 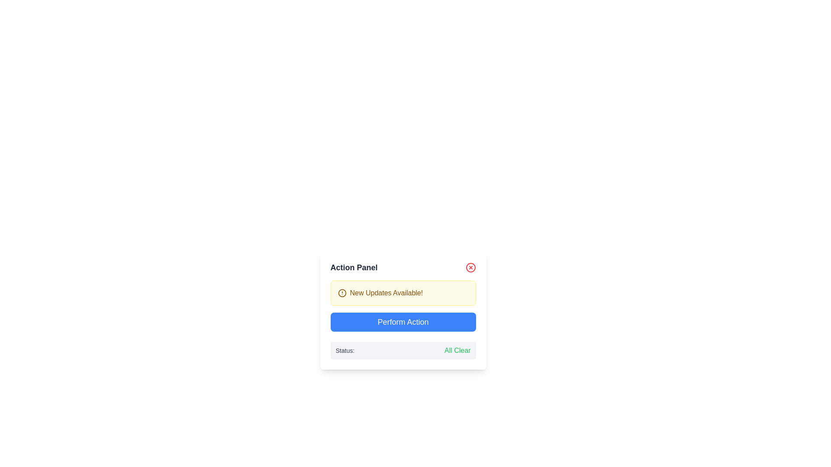 I want to click on the Notification Alert Box displaying 'New Updates Available!' with a yellow background, located between the 'Action Panel' header and the 'Perform Action' button, so click(x=403, y=293).